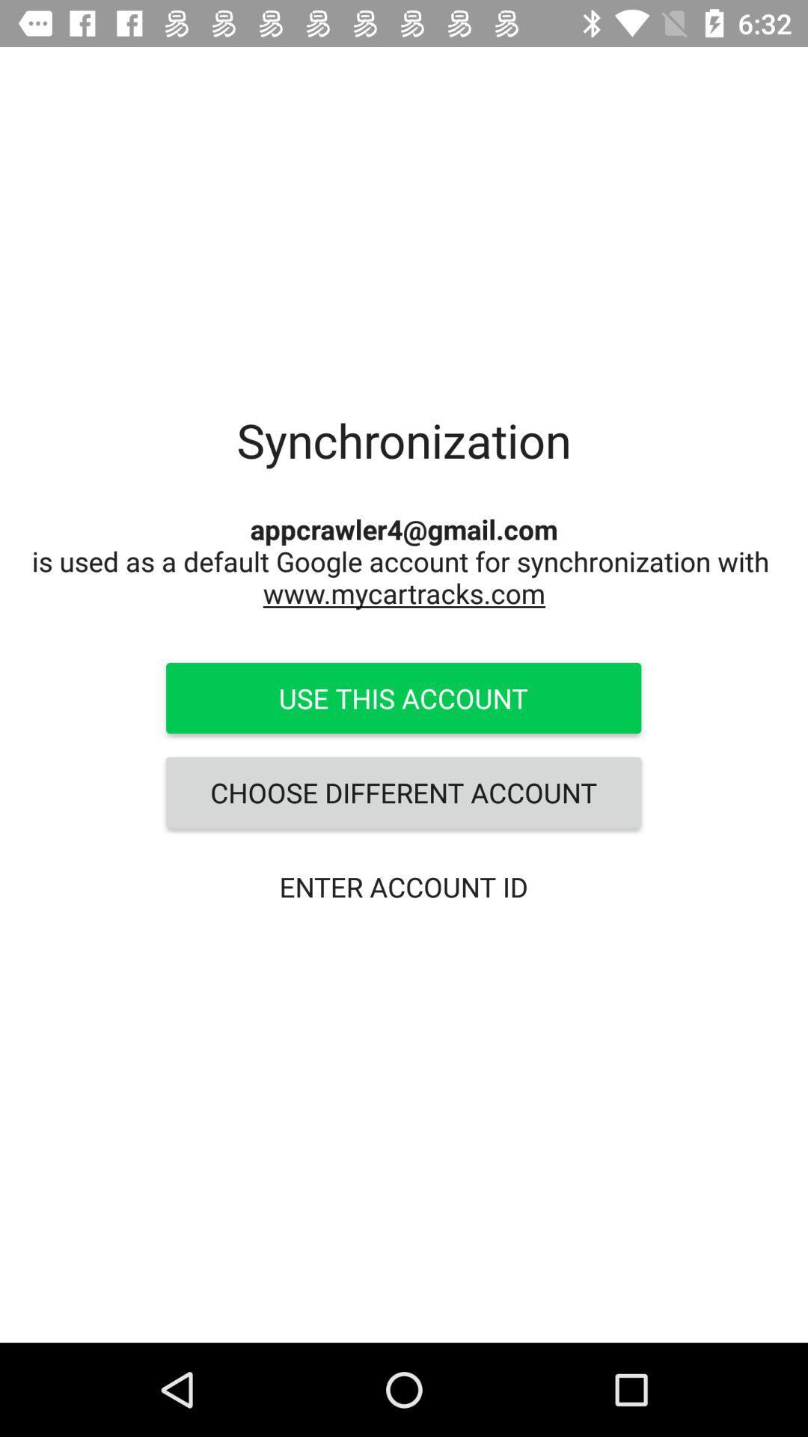 The width and height of the screenshot is (808, 1437). What do you see at coordinates (403, 792) in the screenshot?
I see `the icon below the use this account icon` at bounding box center [403, 792].